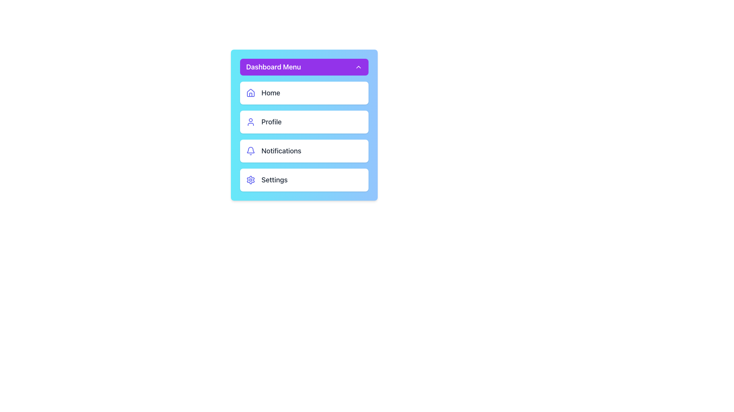 The height and width of the screenshot is (412, 734). Describe the element at coordinates (304, 124) in the screenshot. I see `the 'Profile' button in the 'Dashboard Menu'` at that location.